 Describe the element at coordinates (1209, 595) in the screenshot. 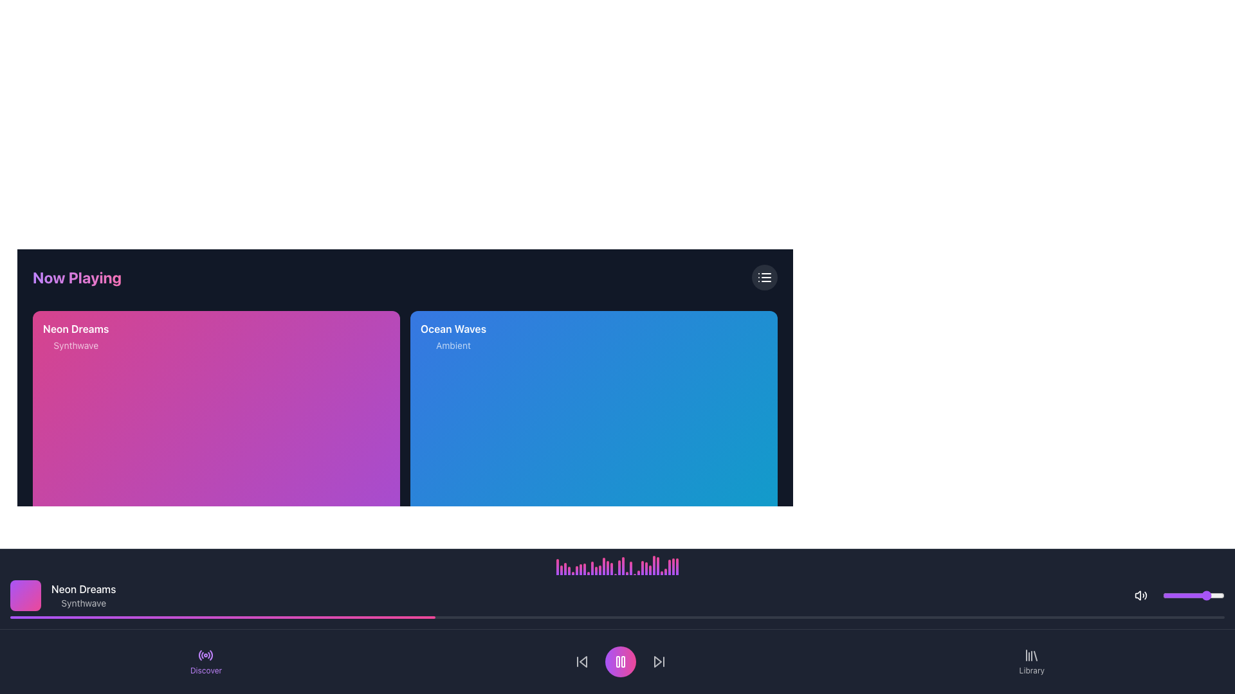

I see `the volume` at that location.